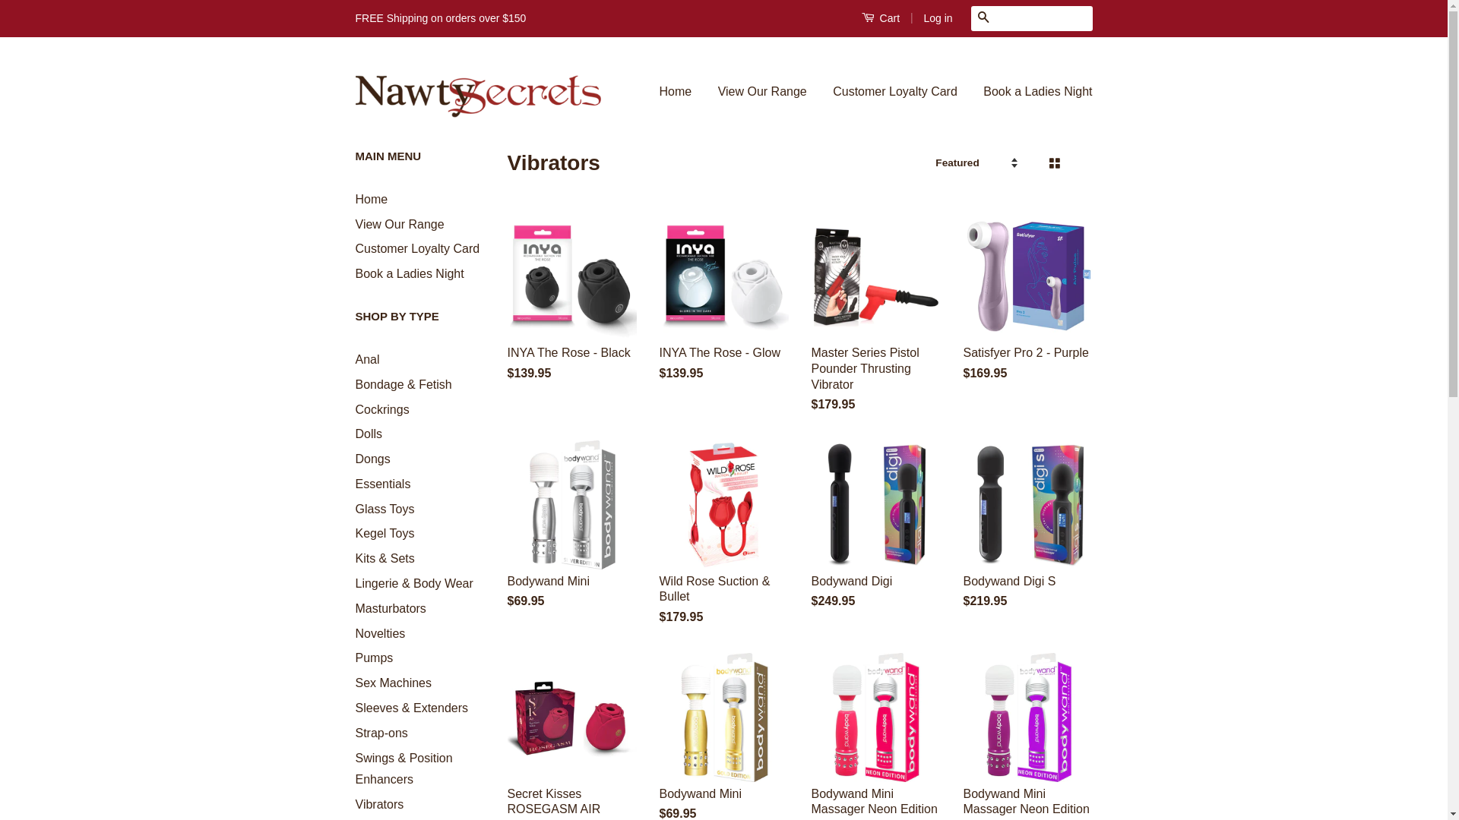 The width and height of the screenshot is (1459, 820). What do you see at coordinates (379, 803) in the screenshot?
I see `'Vibrators'` at bounding box center [379, 803].